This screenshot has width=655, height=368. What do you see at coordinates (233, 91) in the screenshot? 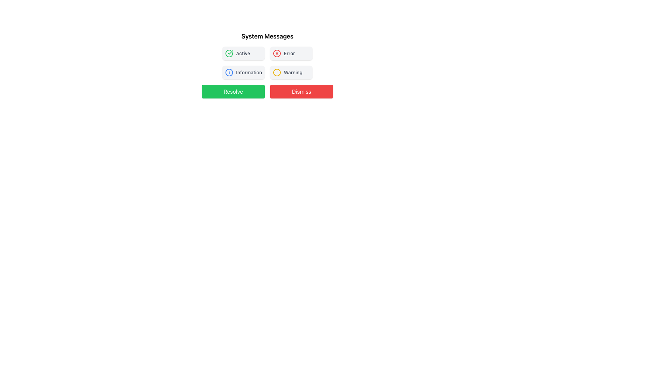
I see `the 'Resolve' button, which is a green button with white text` at bounding box center [233, 91].